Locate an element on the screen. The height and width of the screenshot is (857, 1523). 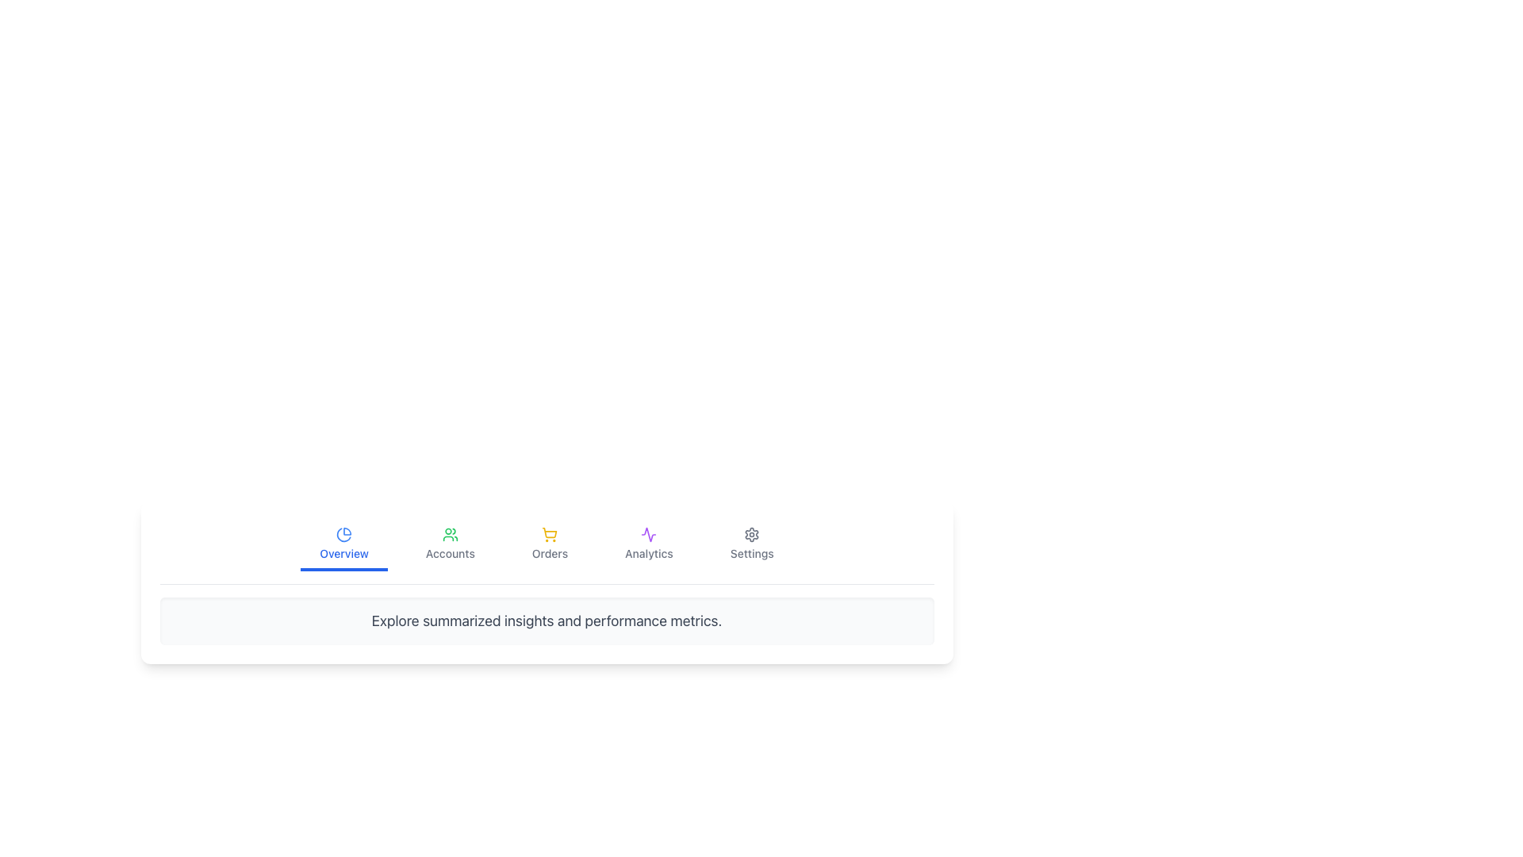
the settings icon located in the navigation menu adjacent to the text label 'Settings' is located at coordinates (751, 535).